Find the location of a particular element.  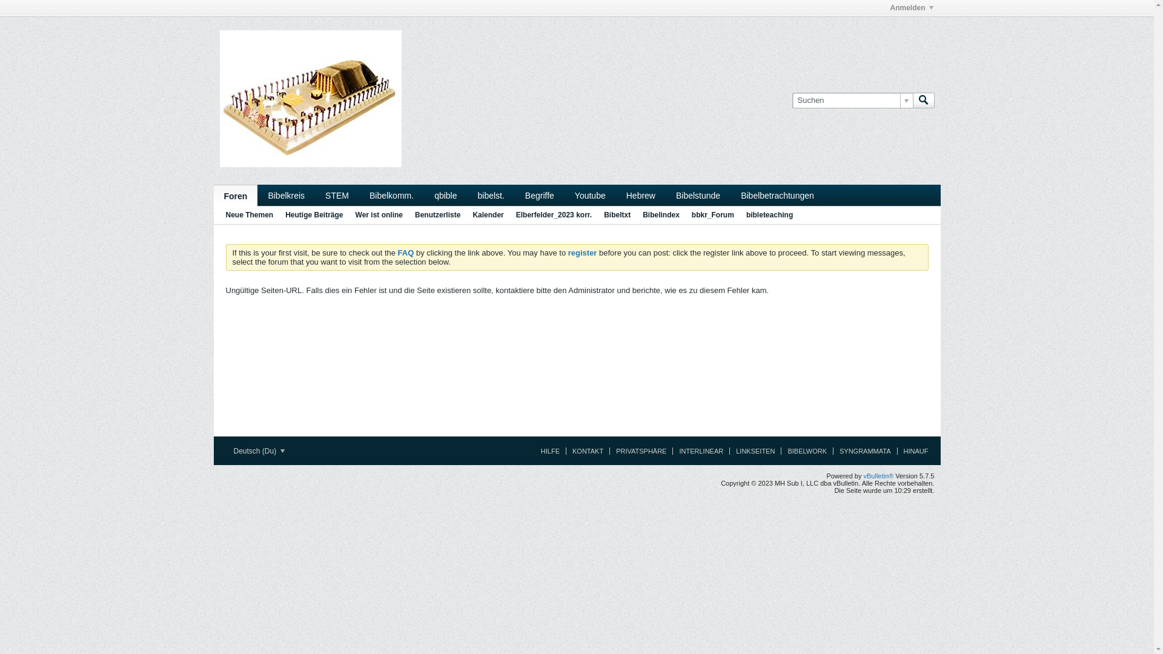

'bbkr_Forum' is located at coordinates (712, 214).